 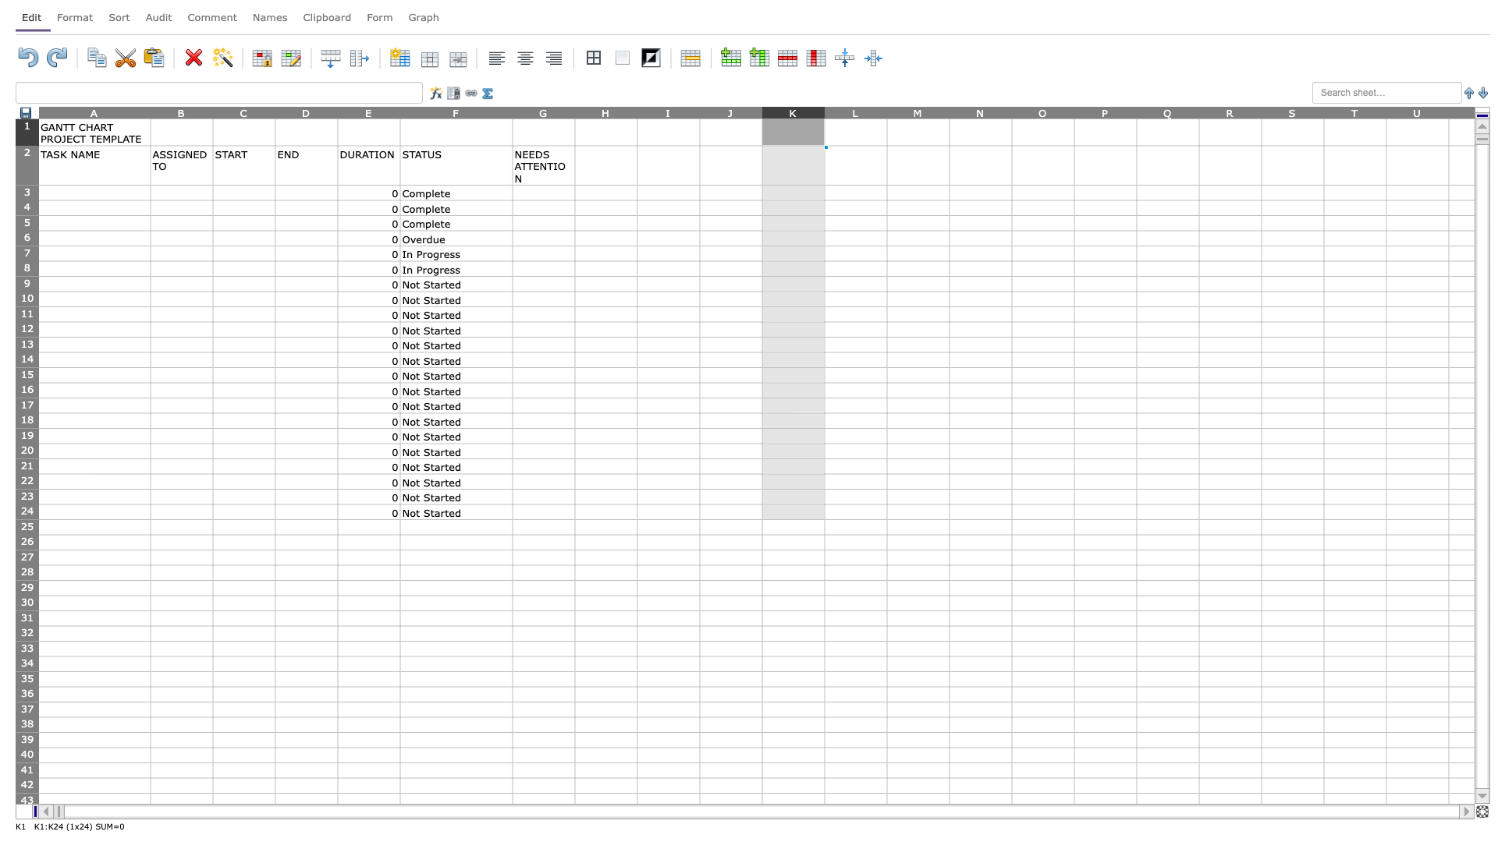 I want to click on the width adjustment handle for column M, so click(x=949, y=111).